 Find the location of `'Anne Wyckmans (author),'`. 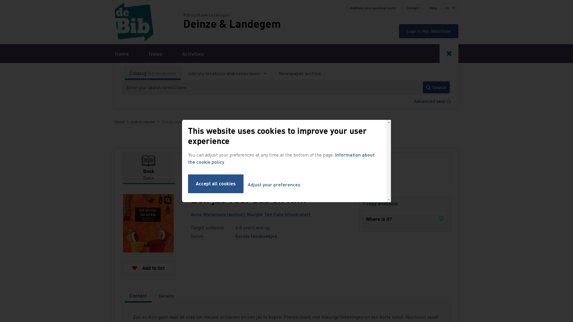

'Anne Wyckmans (author),' is located at coordinates (190, 214).